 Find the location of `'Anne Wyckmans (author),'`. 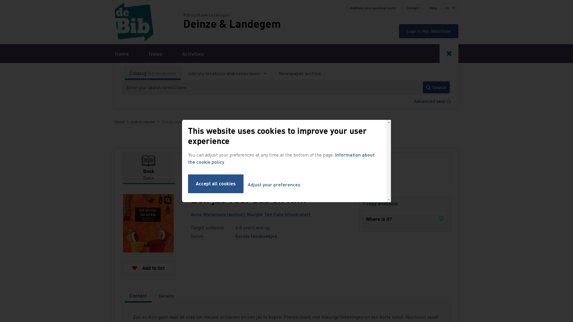

'Anne Wyckmans (author),' is located at coordinates (190, 214).